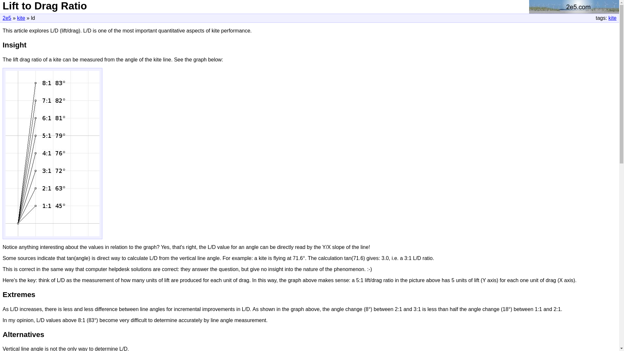 This screenshot has width=624, height=351. What do you see at coordinates (612, 18) in the screenshot?
I see `'kite'` at bounding box center [612, 18].